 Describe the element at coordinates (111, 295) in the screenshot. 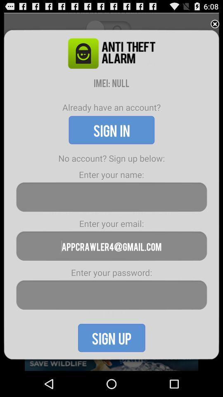

I see `pssword box` at that location.